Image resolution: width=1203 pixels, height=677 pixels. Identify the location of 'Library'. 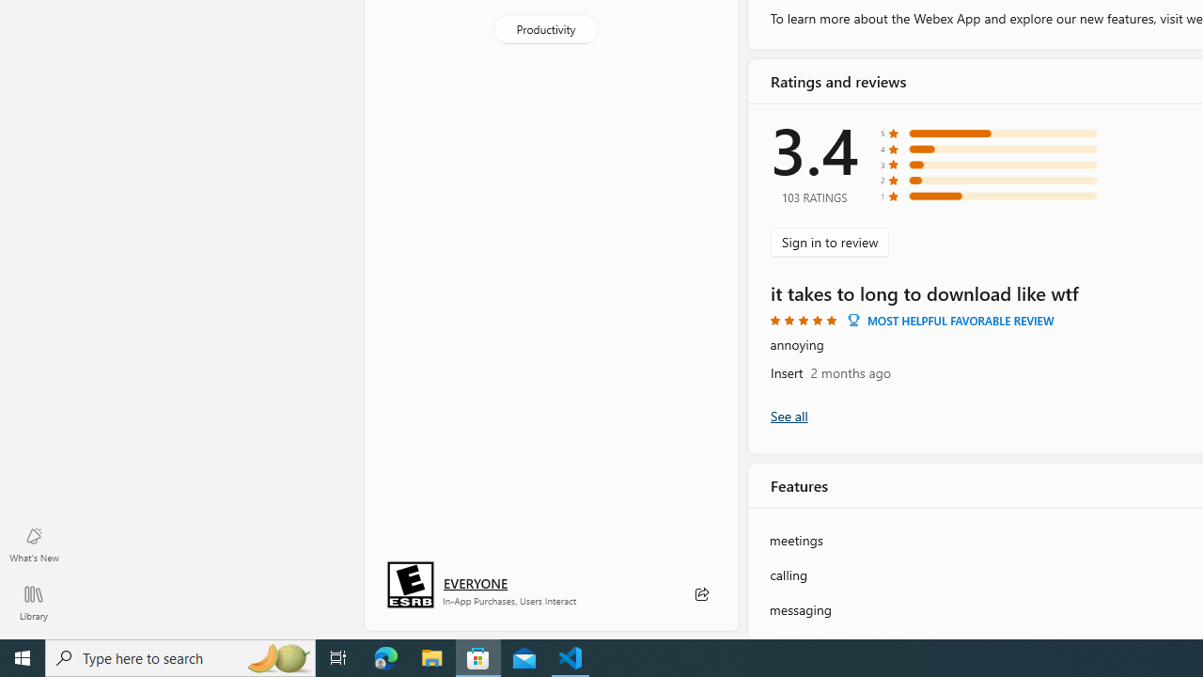
(33, 602).